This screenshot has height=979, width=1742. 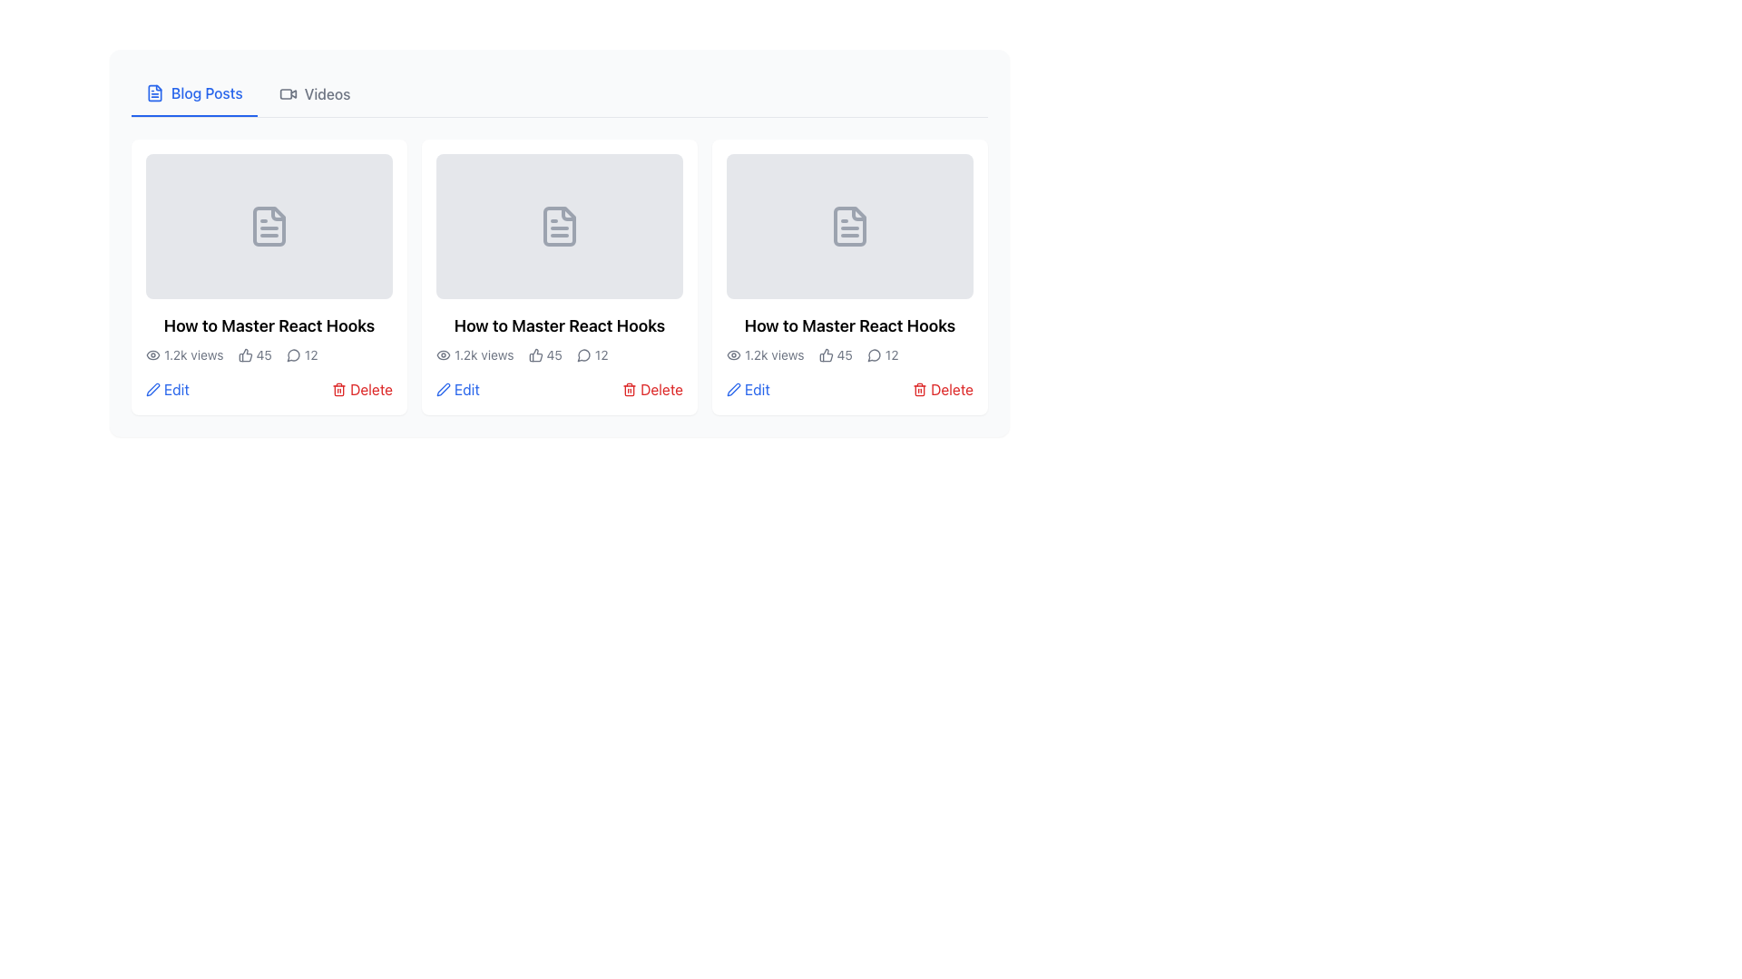 What do you see at coordinates (444, 355) in the screenshot?
I see `the eye icon element that indicates the number of views for the blog post, located to the left of the '1.2k views' text` at bounding box center [444, 355].